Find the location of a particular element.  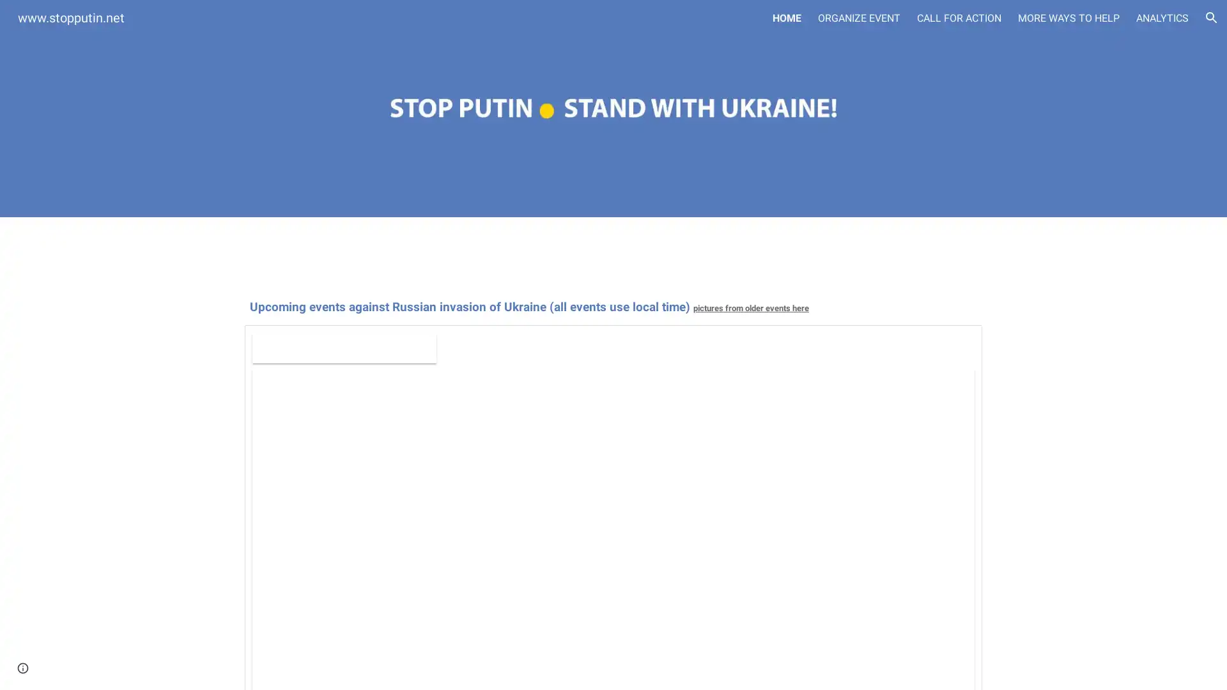

Copy heading link is located at coordinates (822, 306).